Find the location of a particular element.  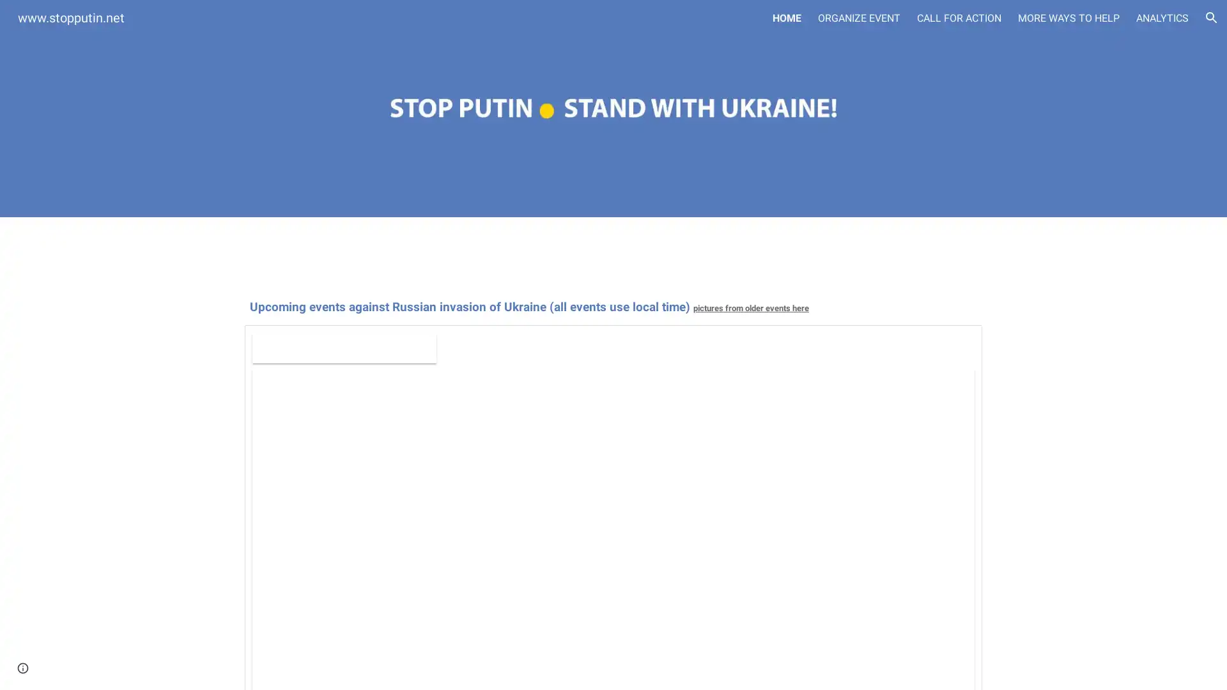

Copy heading link is located at coordinates (822, 306).